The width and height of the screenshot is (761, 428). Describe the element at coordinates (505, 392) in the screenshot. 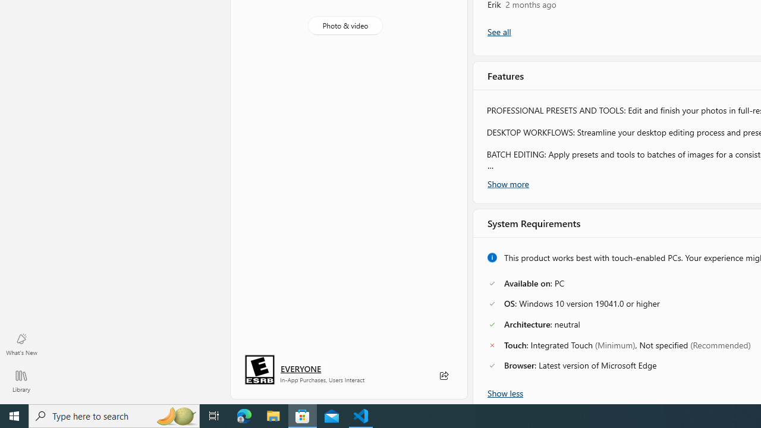

I see `'Show less'` at that location.